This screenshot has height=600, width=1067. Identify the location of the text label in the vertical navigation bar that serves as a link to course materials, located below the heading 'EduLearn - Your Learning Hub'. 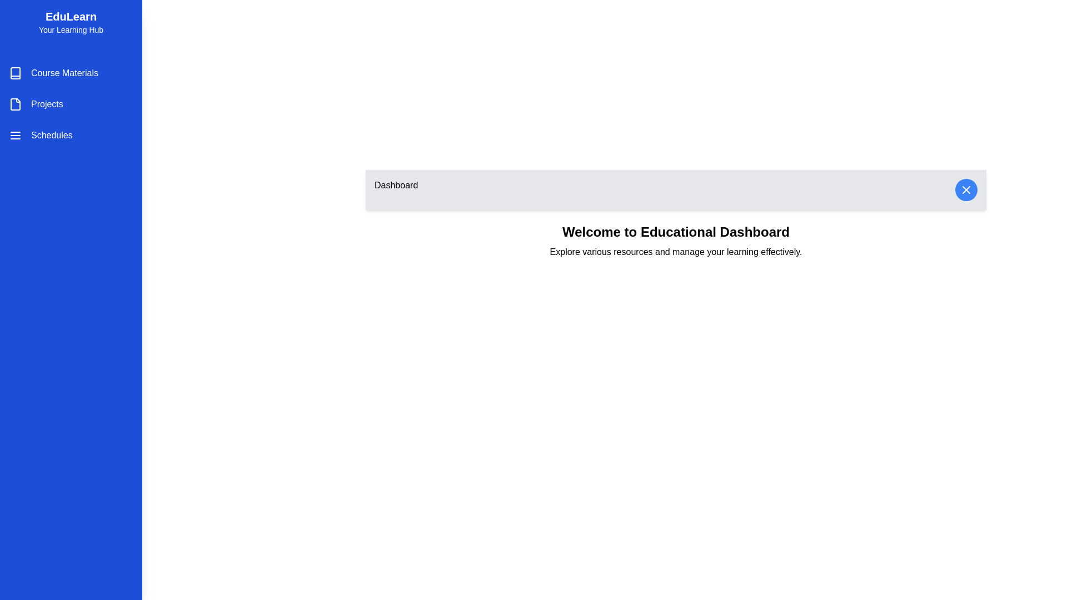
(64, 73).